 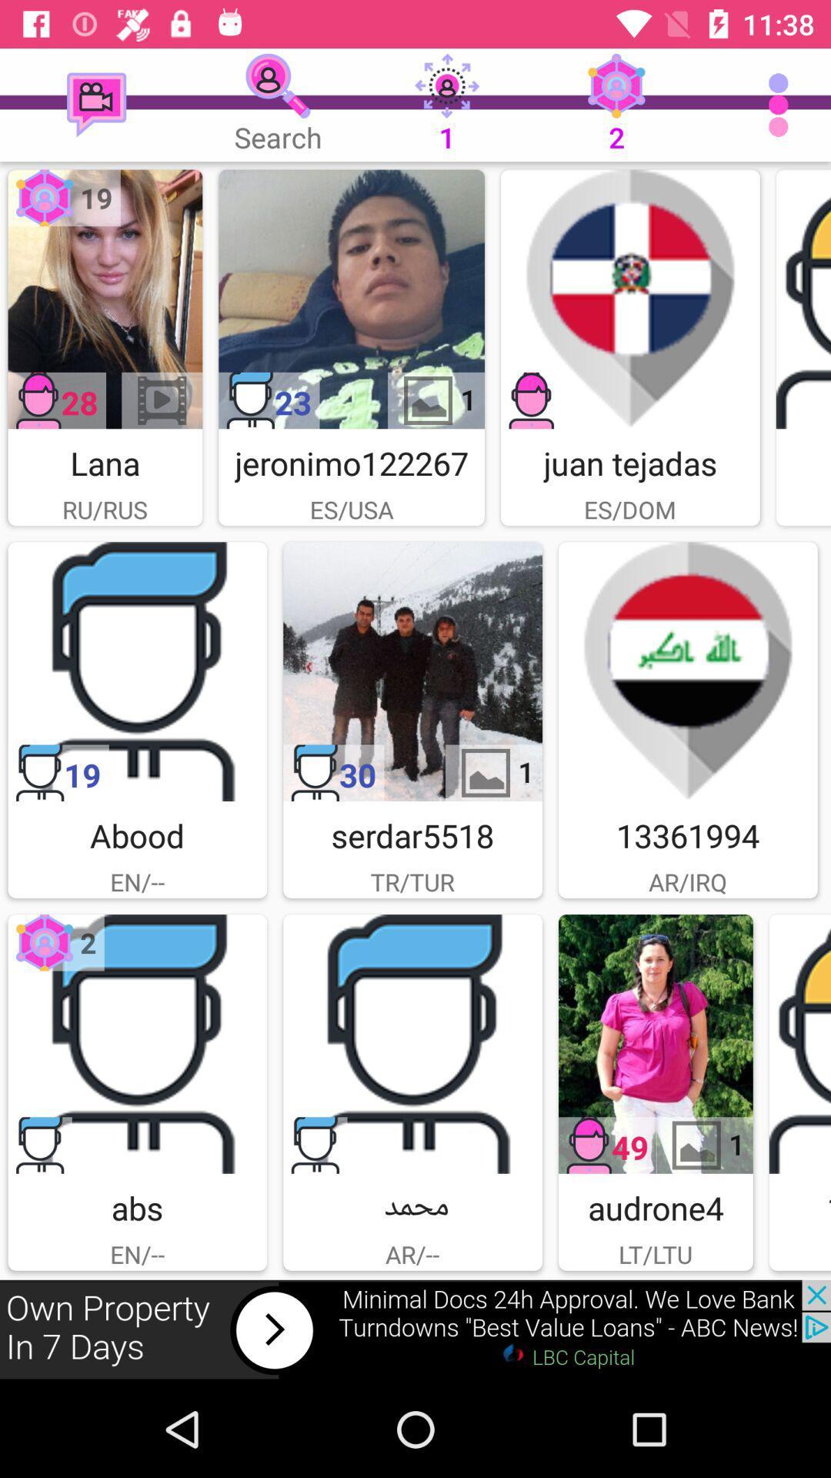 What do you see at coordinates (656, 1044) in the screenshot?
I see `user` at bounding box center [656, 1044].